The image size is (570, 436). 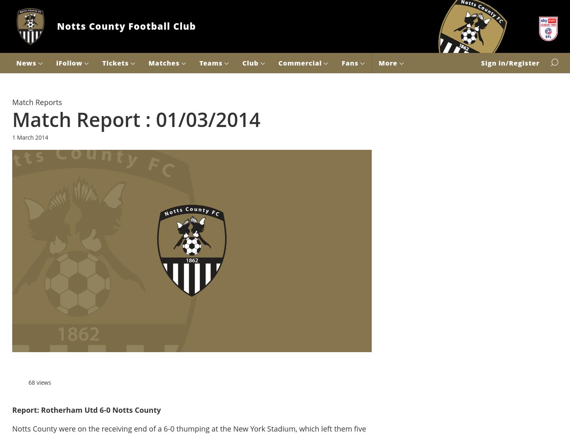 I want to click on 'Matches', so click(x=148, y=62).